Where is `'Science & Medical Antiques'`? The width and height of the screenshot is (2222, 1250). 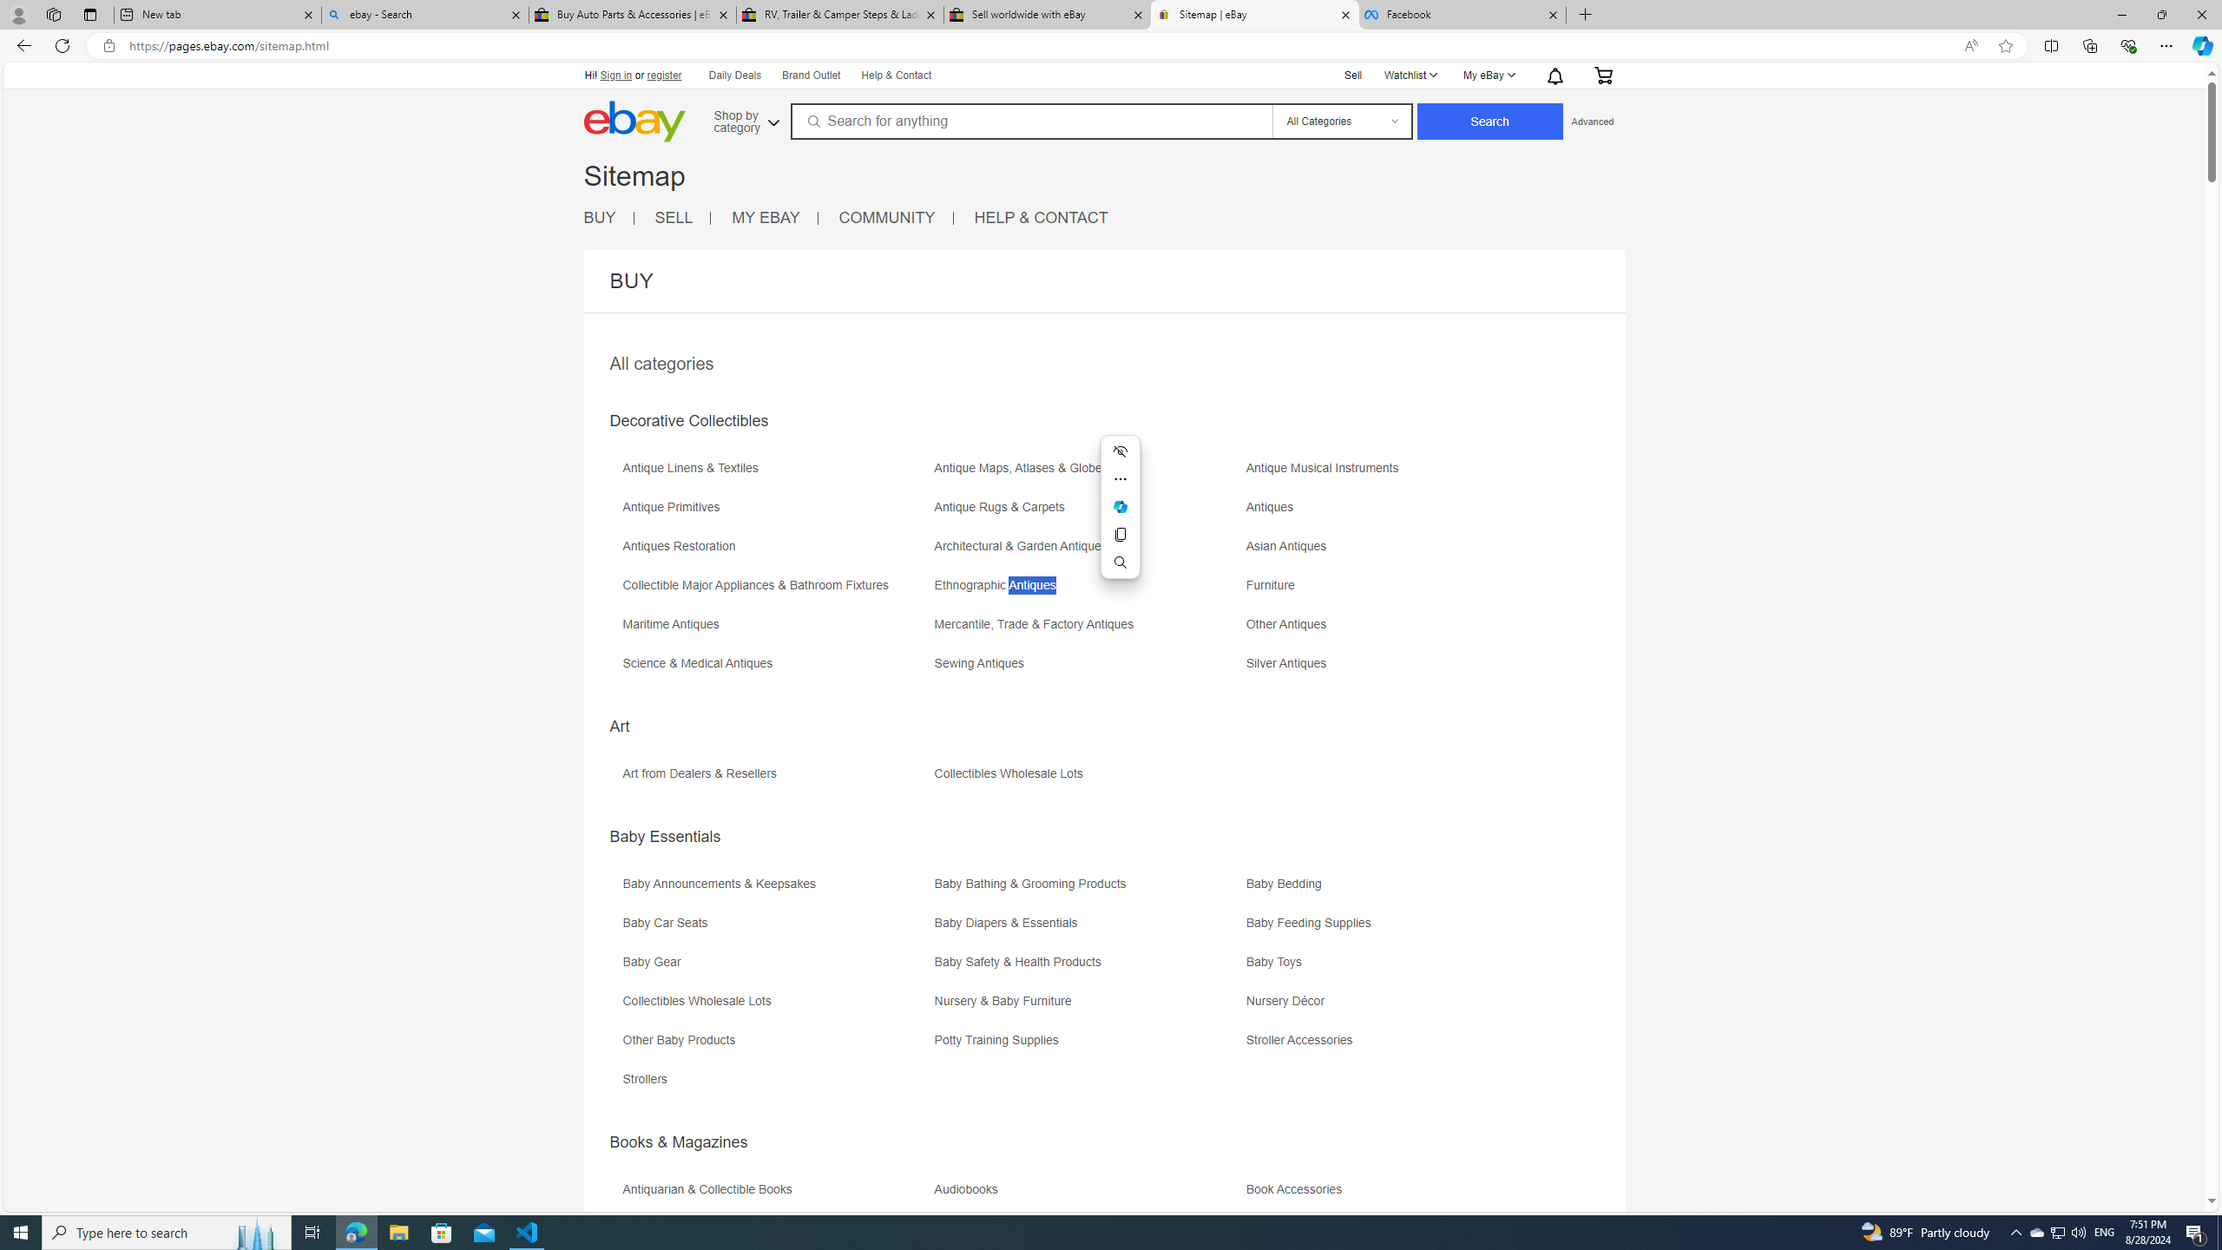
'Science & Medical Antiques' is located at coordinates (775, 668).